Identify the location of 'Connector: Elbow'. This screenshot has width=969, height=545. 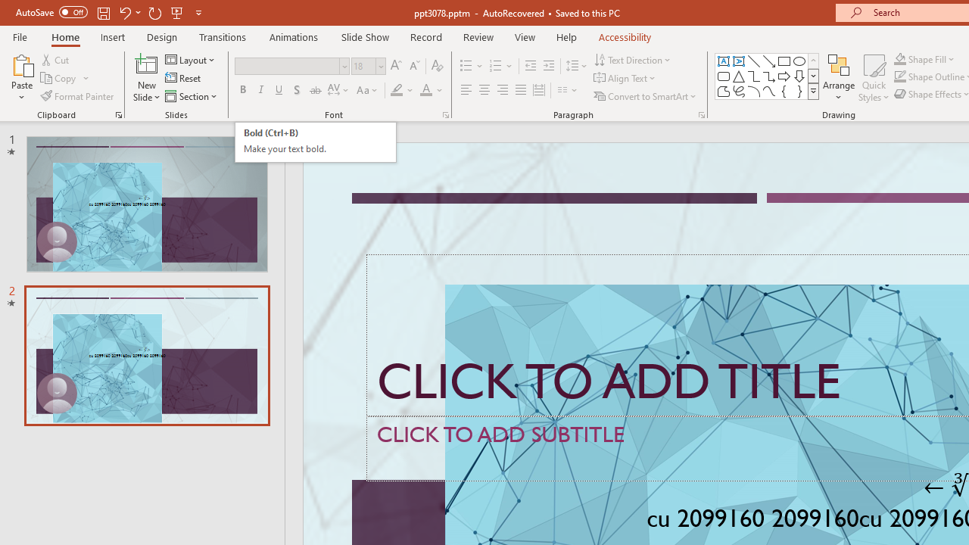
(753, 76).